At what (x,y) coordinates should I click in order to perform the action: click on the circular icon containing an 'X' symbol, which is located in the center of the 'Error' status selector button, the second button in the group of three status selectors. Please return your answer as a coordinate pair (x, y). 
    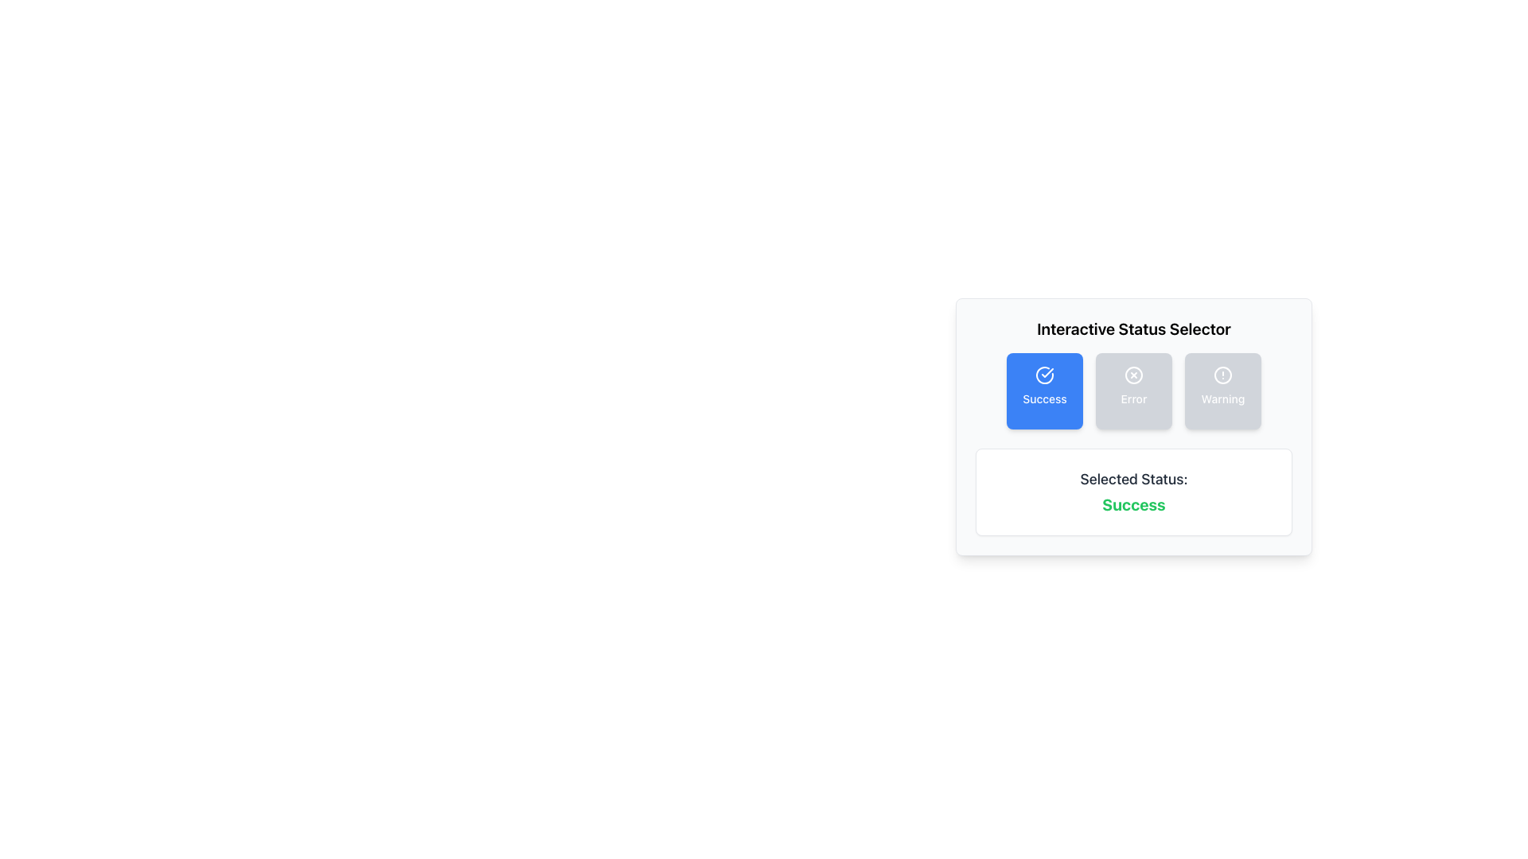
    Looking at the image, I should click on (1133, 375).